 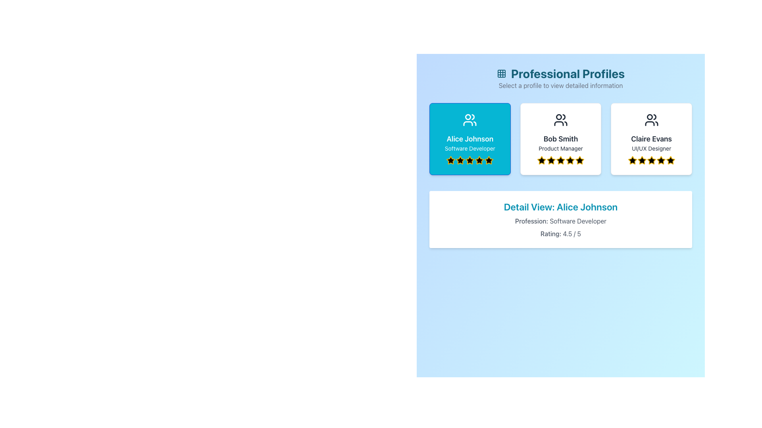 What do you see at coordinates (560, 139) in the screenshot?
I see `the second card component in the responsive grid layout` at bounding box center [560, 139].